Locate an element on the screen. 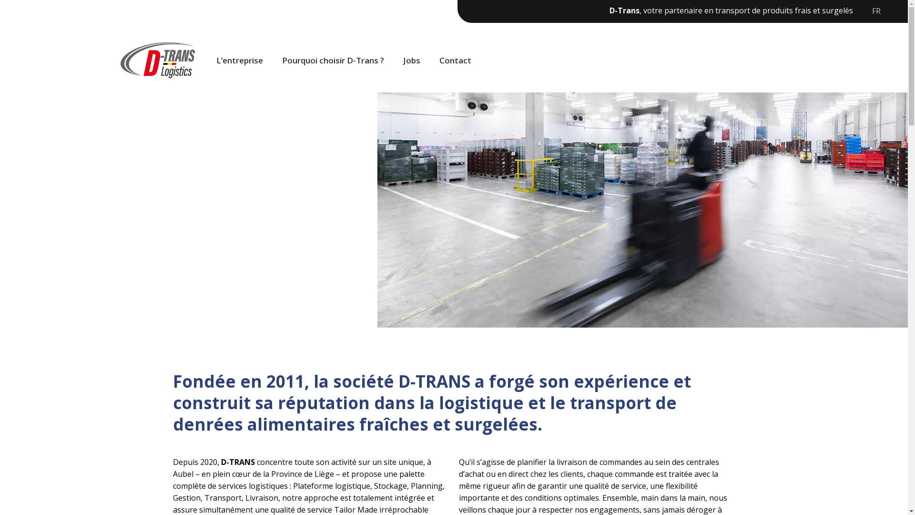 The image size is (915, 515). 'Pourquoi choisir D-Trans ?' is located at coordinates (333, 61).